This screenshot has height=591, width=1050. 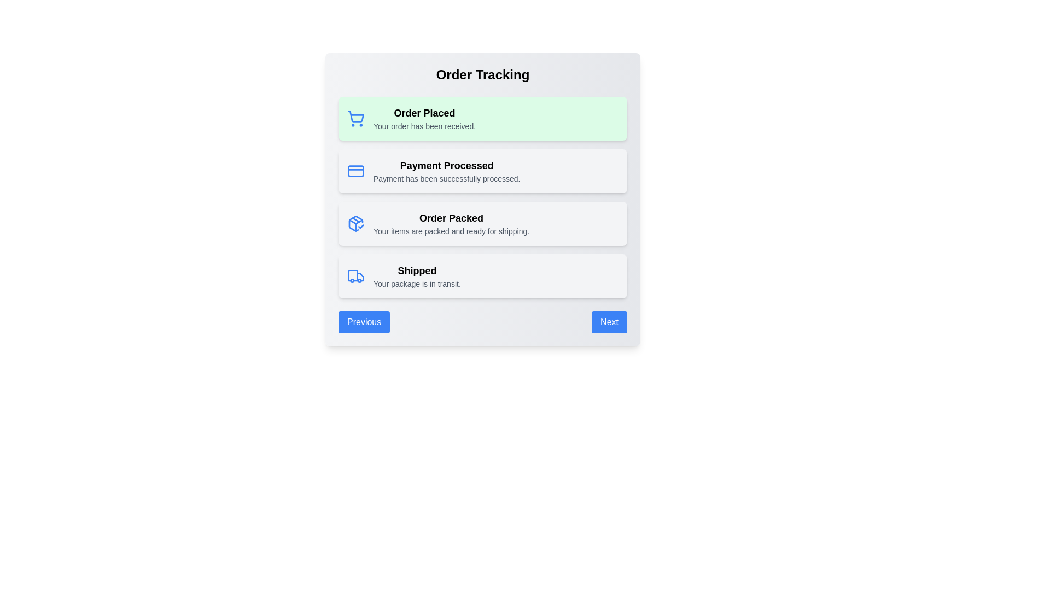 I want to click on the status item labeled 'Order Packed' in the sequential status tracker interface, which features a blue package icon with a check mark and text indicating that items are packed and ready for shipping, so click(x=482, y=223).